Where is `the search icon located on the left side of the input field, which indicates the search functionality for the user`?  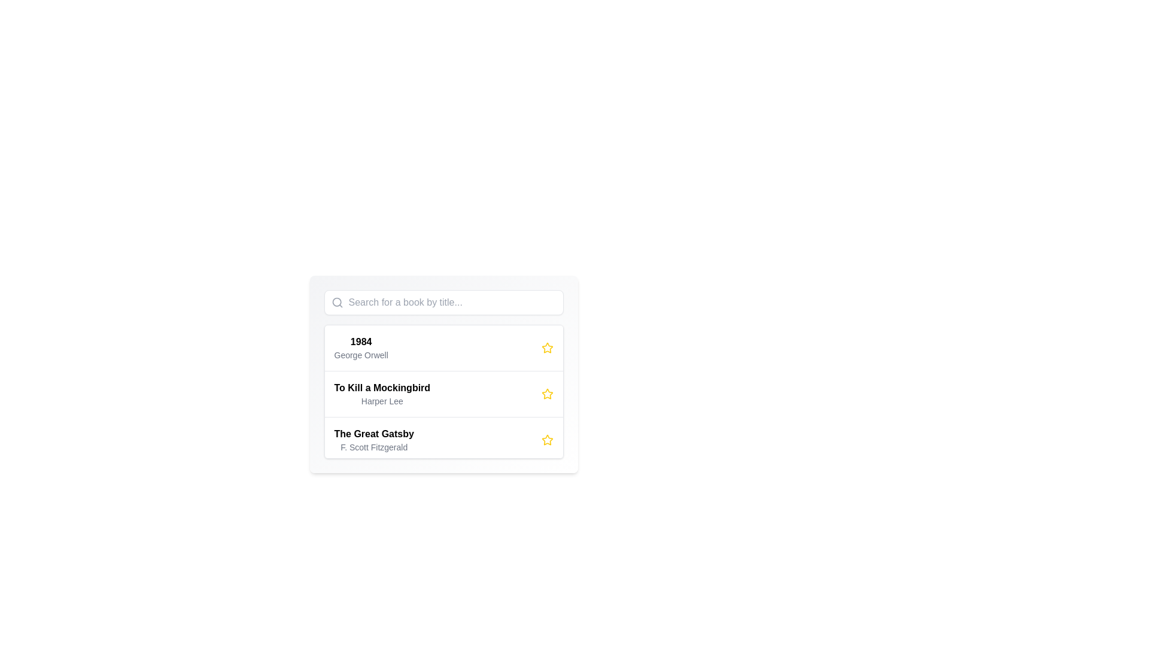 the search icon located on the left side of the input field, which indicates the search functionality for the user is located at coordinates (336, 301).